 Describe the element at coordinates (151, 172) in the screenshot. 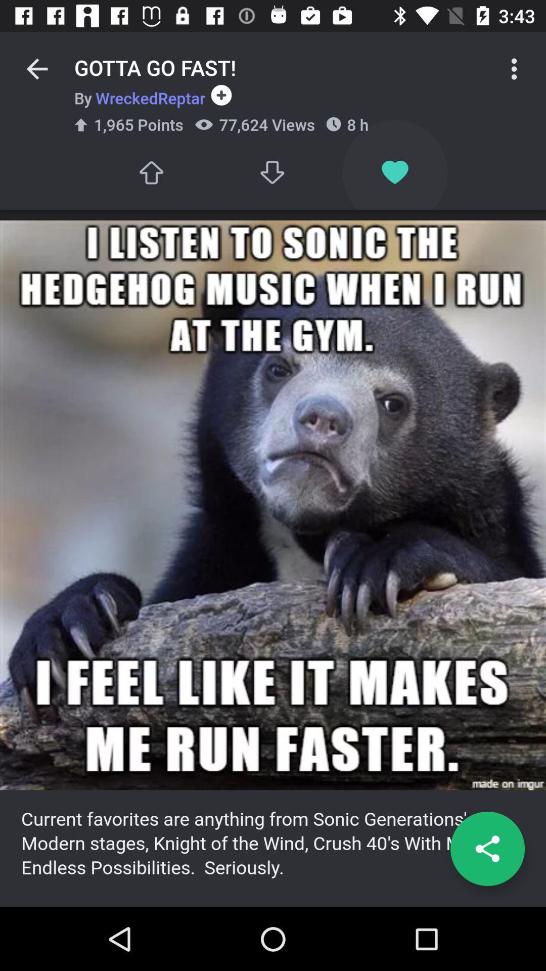

I see `upvote` at that location.